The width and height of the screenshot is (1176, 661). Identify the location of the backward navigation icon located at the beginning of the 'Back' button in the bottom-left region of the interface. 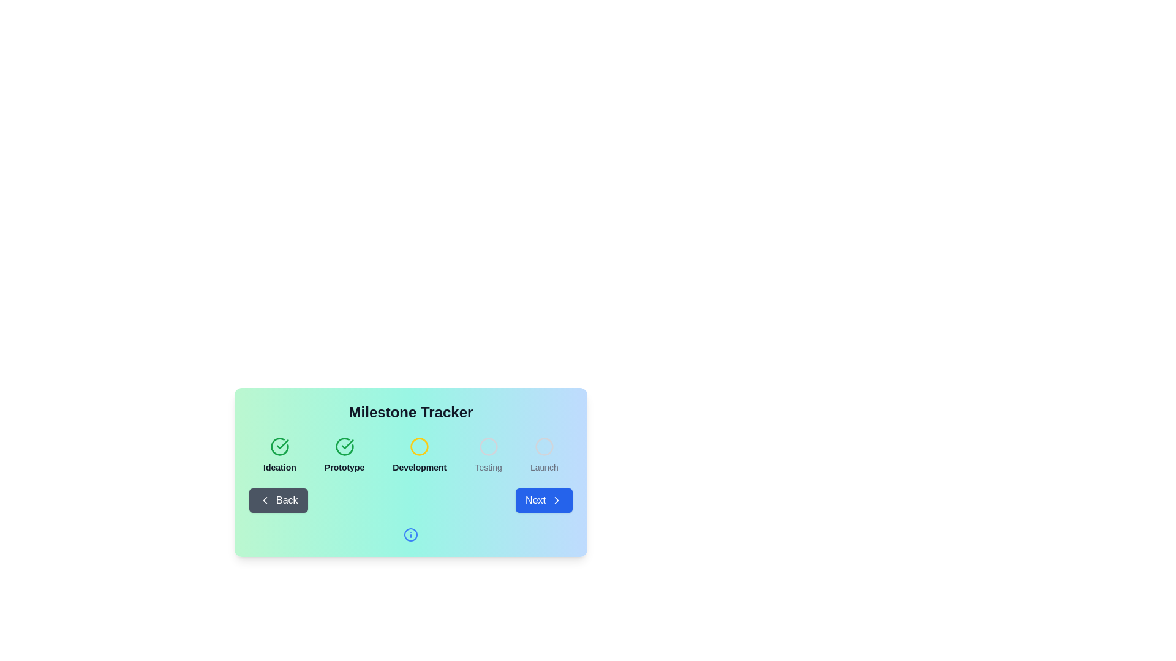
(264, 500).